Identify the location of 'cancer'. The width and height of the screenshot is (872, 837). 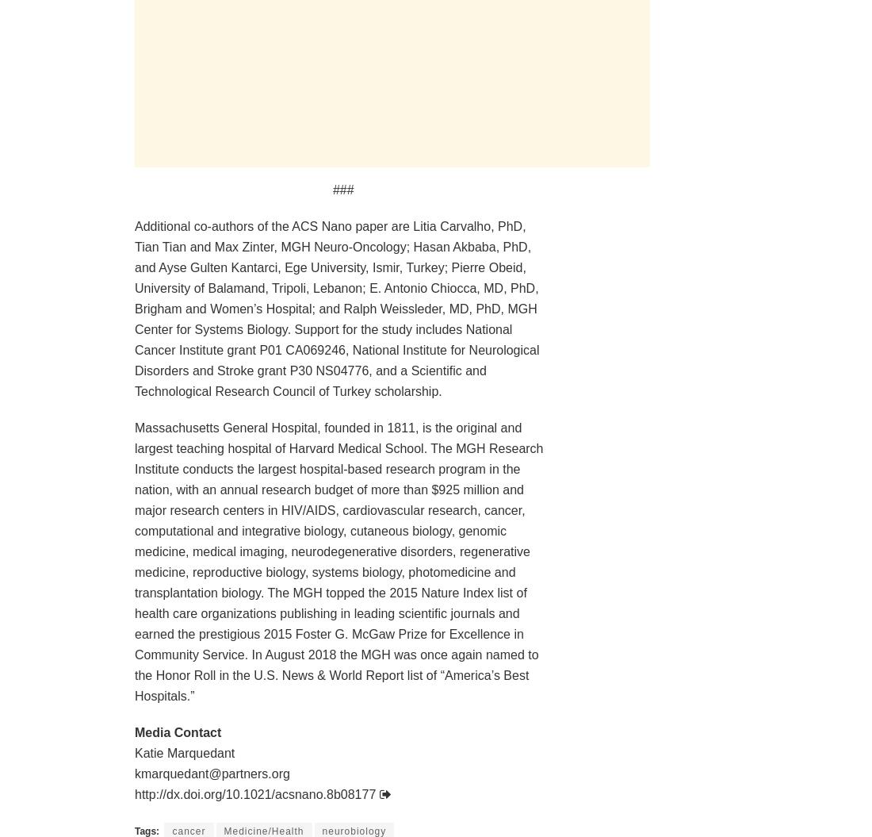
(189, 829).